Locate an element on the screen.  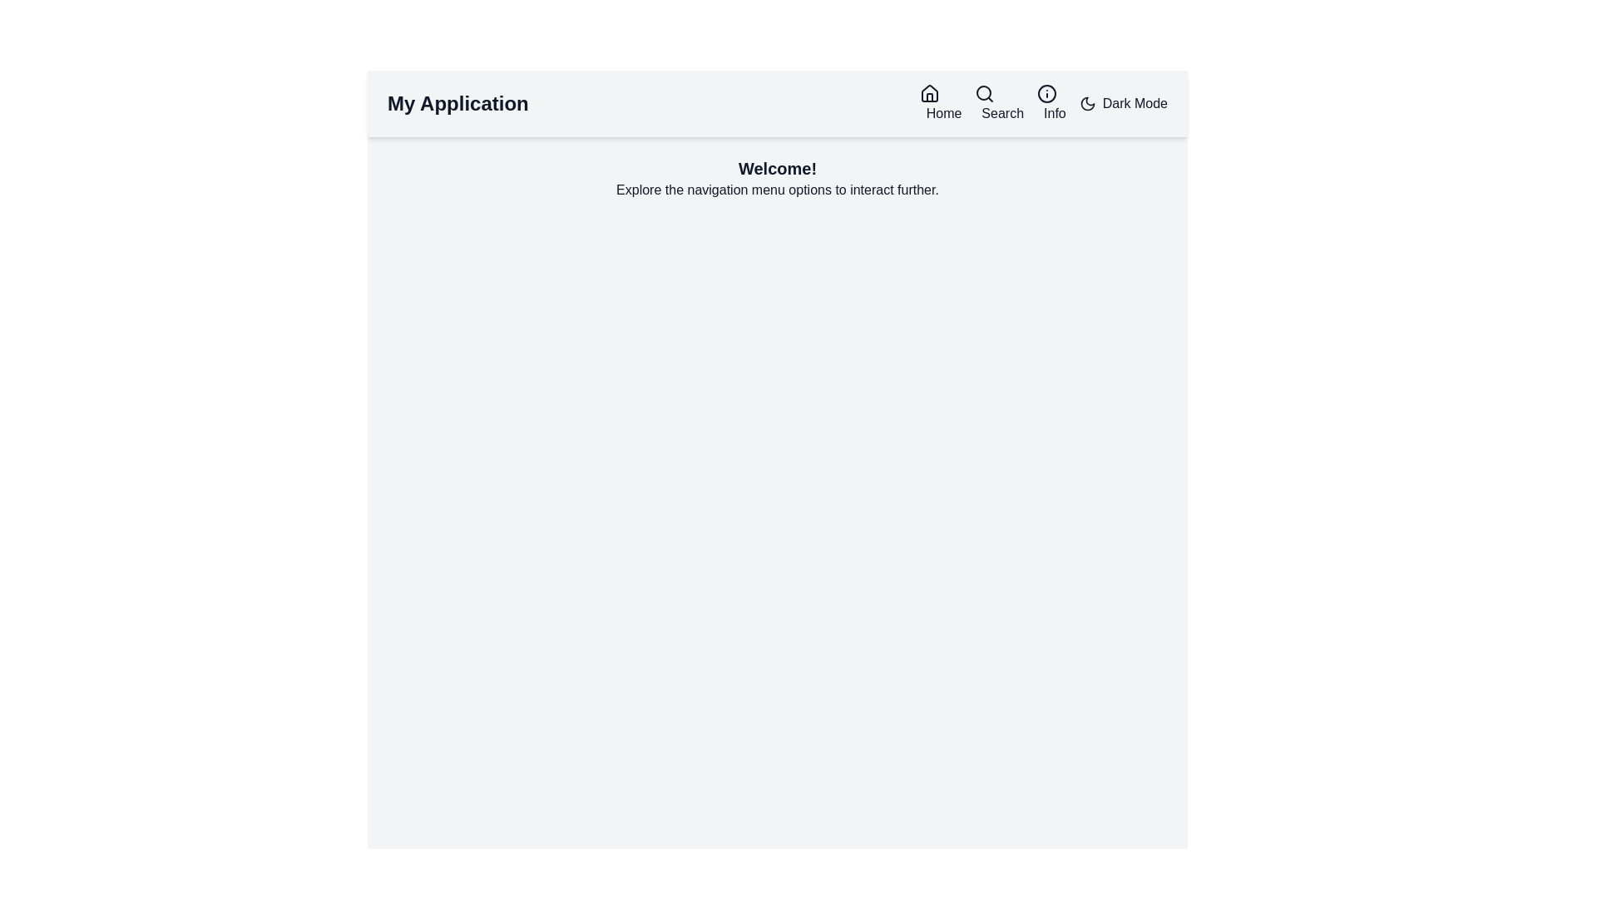
the door area of the 'Home' icon in the top navigation bar, which is the first icon from the left is located at coordinates (928, 97).